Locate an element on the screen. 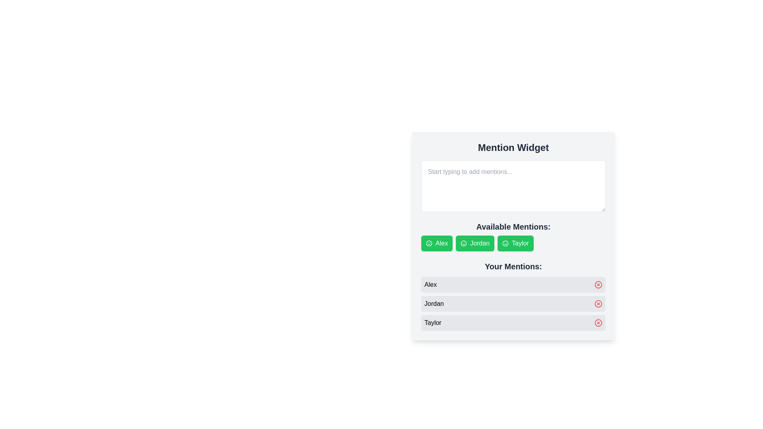 Image resolution: width=763 pixels, height=429 pixels. the green pill-shaped button labeled 'Jordan' which is located in the 'Available Mentions' section is located at coordinates (475, 243).